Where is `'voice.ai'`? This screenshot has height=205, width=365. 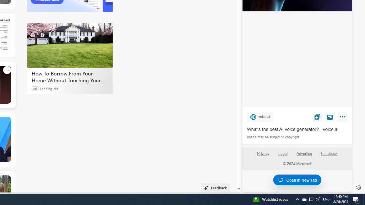 'voice.ai' is located at coordinates (260, 116).